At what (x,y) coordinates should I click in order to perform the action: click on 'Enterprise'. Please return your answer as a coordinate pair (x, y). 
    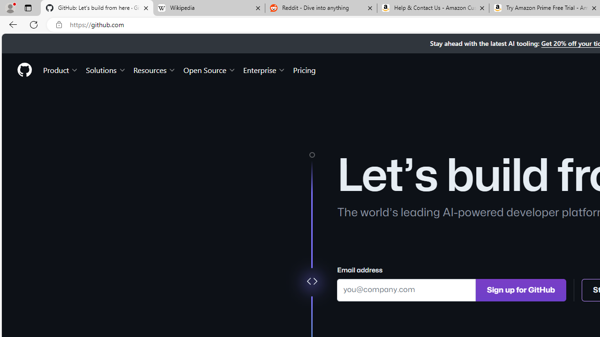
    Looking at the image, I should click on (263, 69).